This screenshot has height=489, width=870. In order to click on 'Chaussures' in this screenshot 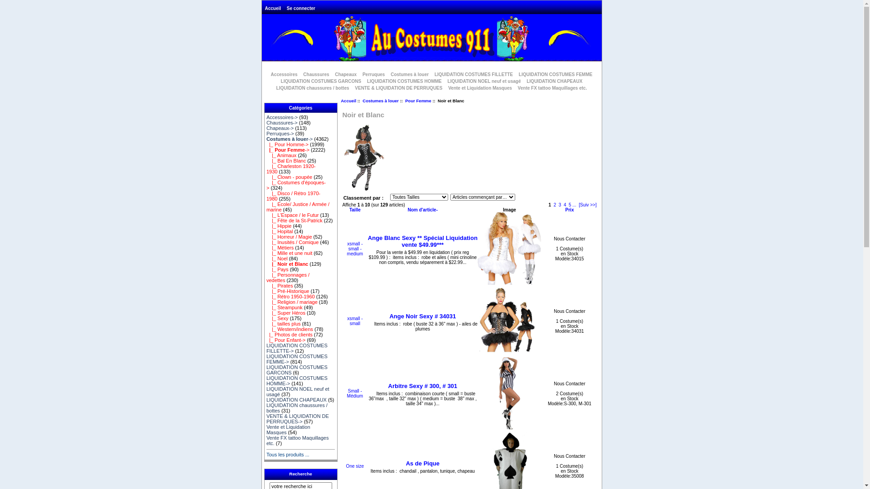, I will do `click(316, 74)`.